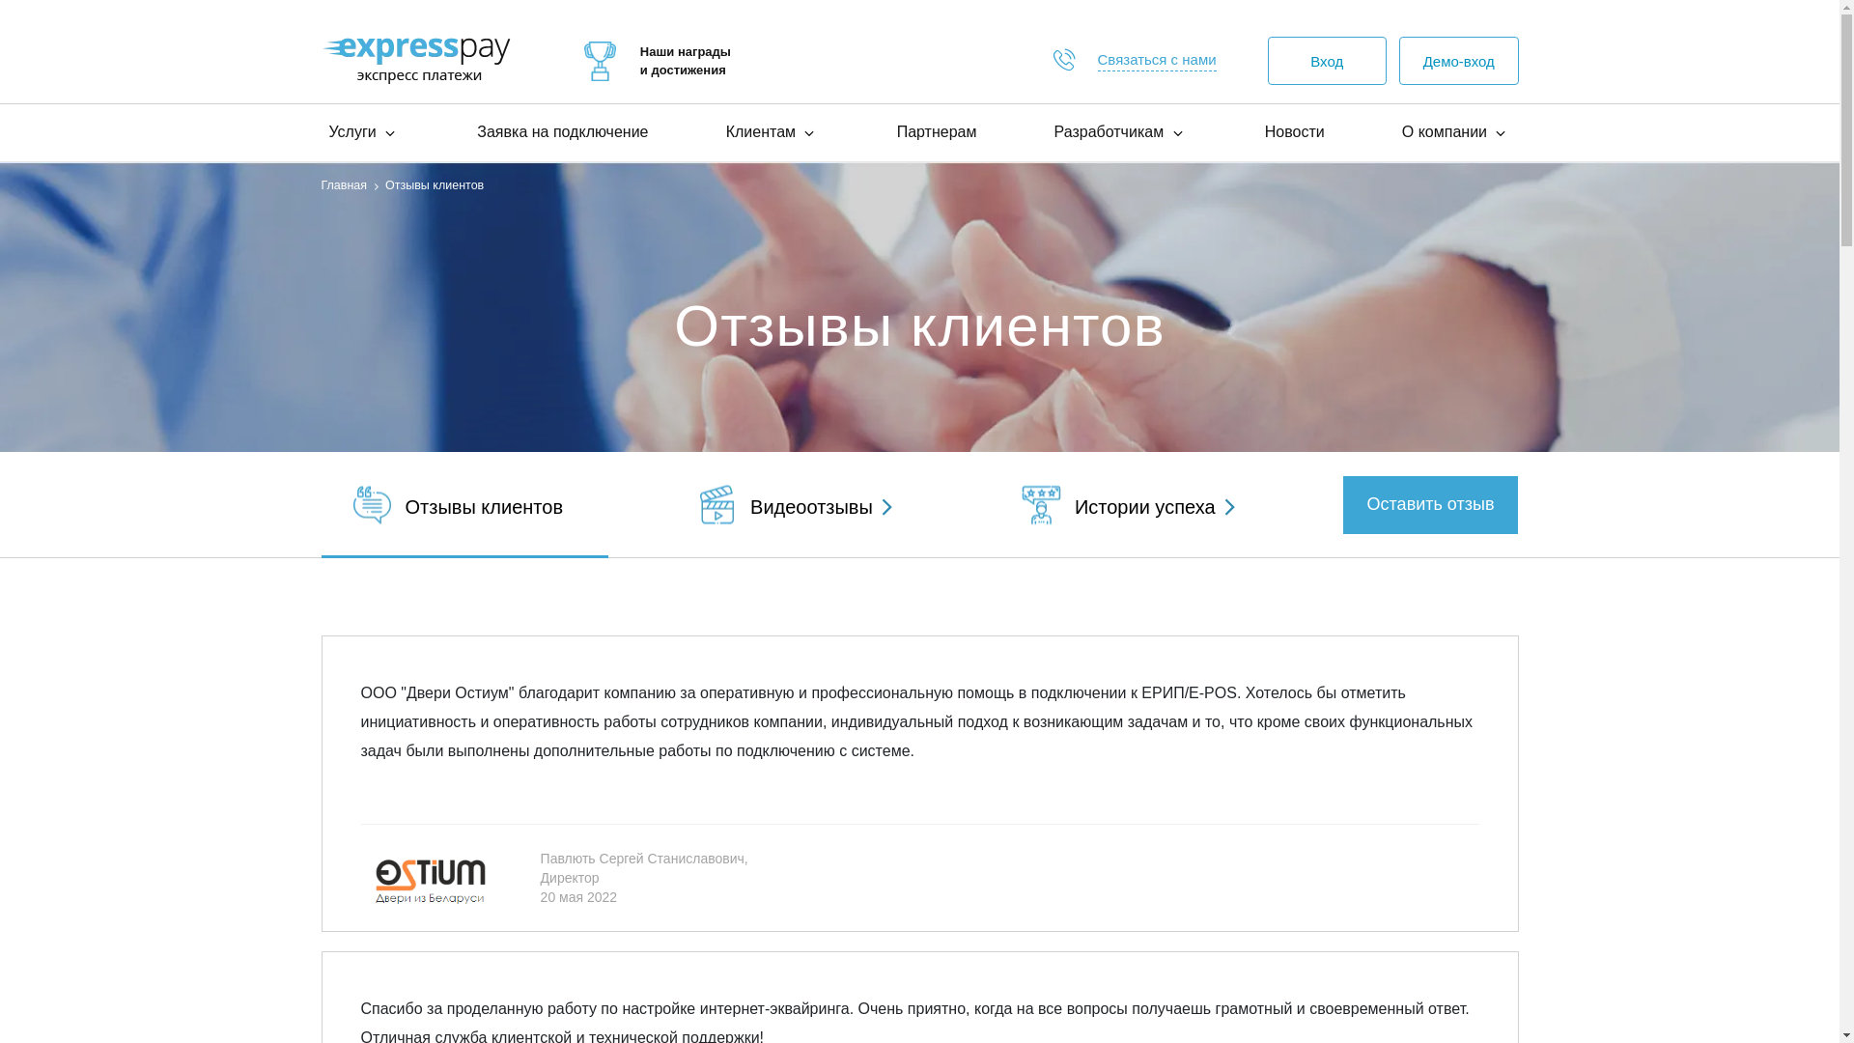  I want to click on 'express-pay.by', so click(414, 59).